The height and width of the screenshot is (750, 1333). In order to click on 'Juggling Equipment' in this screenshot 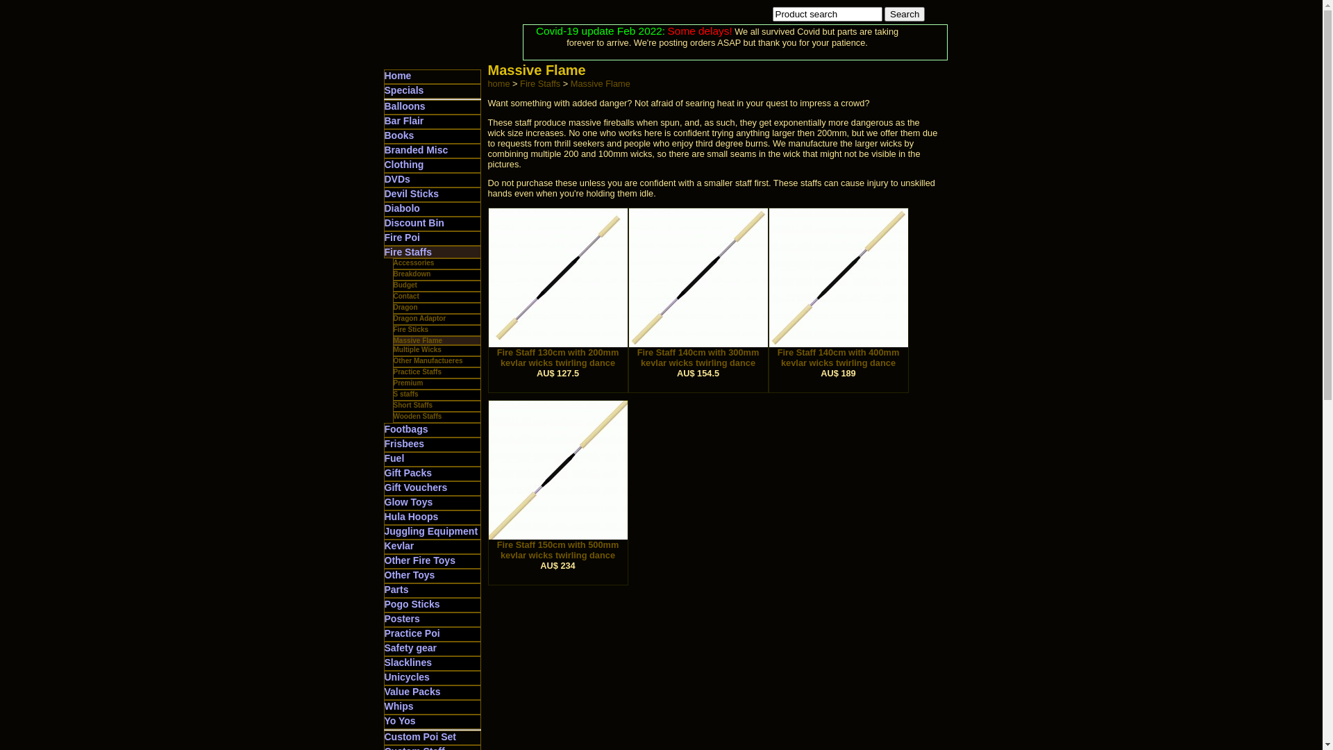, I will do `click(430, 531)`.